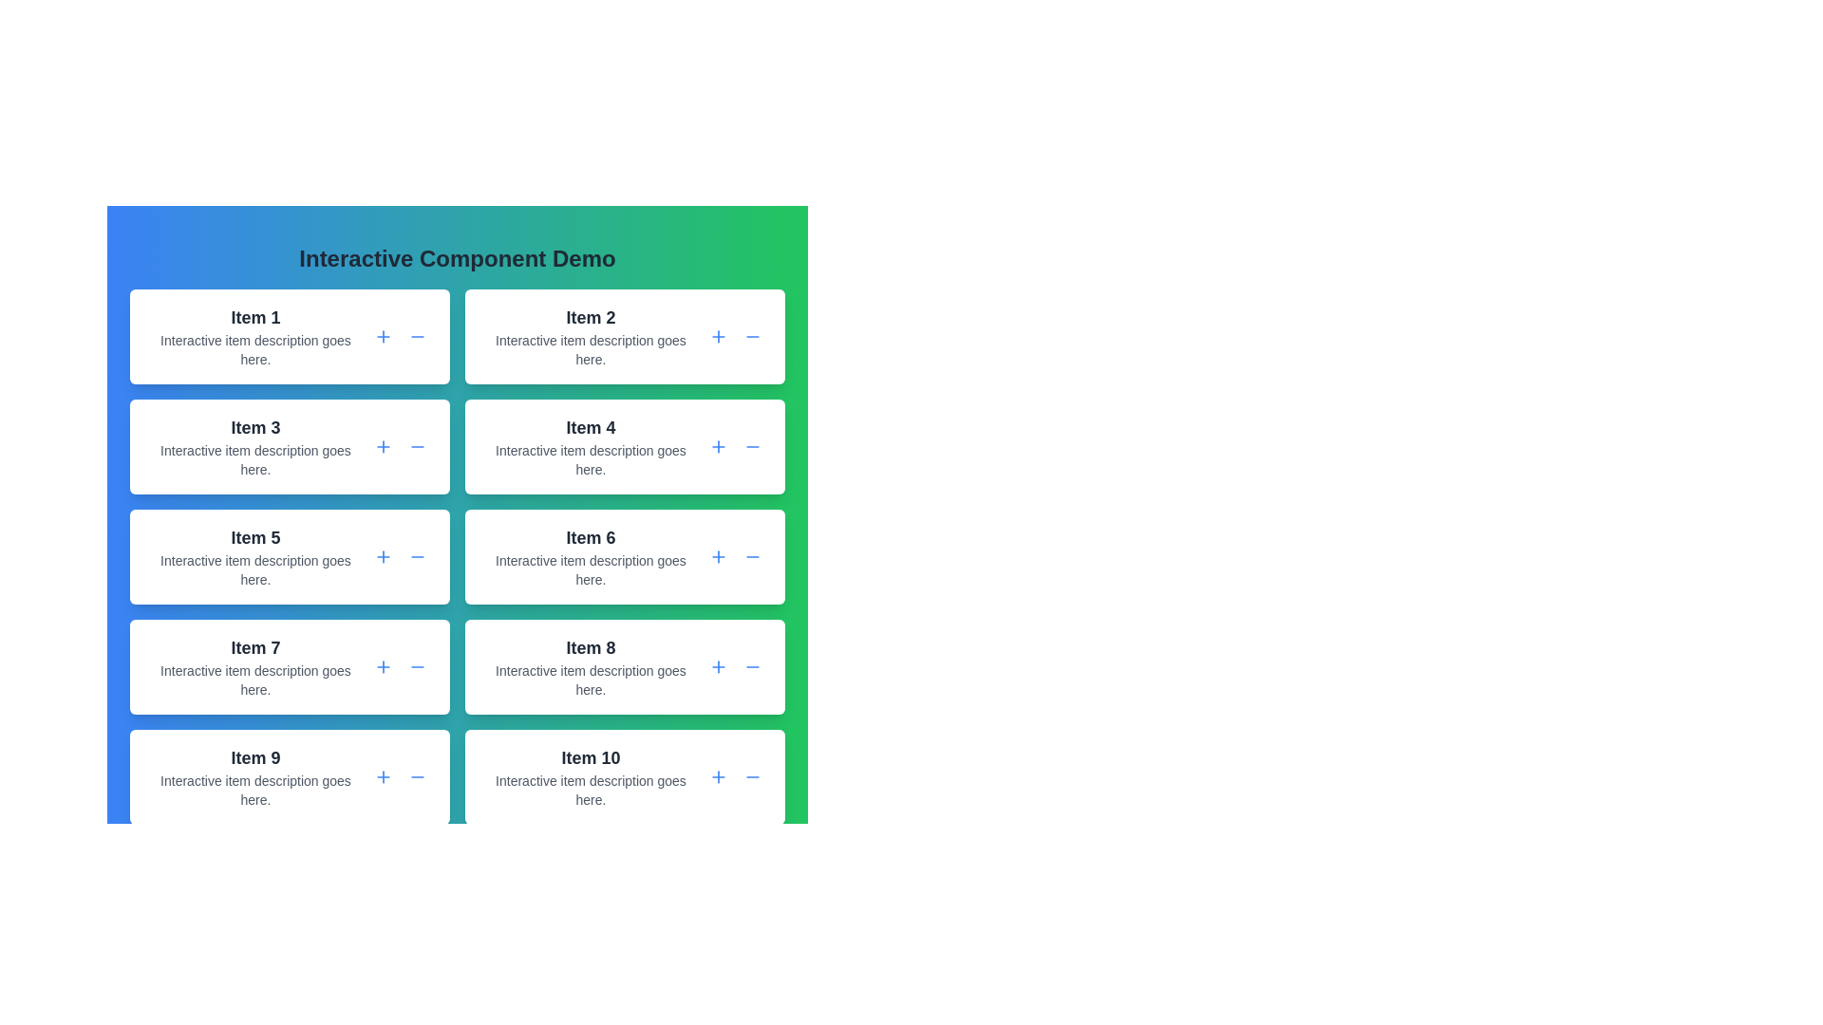 The height and width of the screenshot is (1025, 1823). What do you see at coordinates (751, 665) in the screenshot?
I see `the blue minus button located at the far right of the 'Item 8' entry` at bounding box center [751, 665].